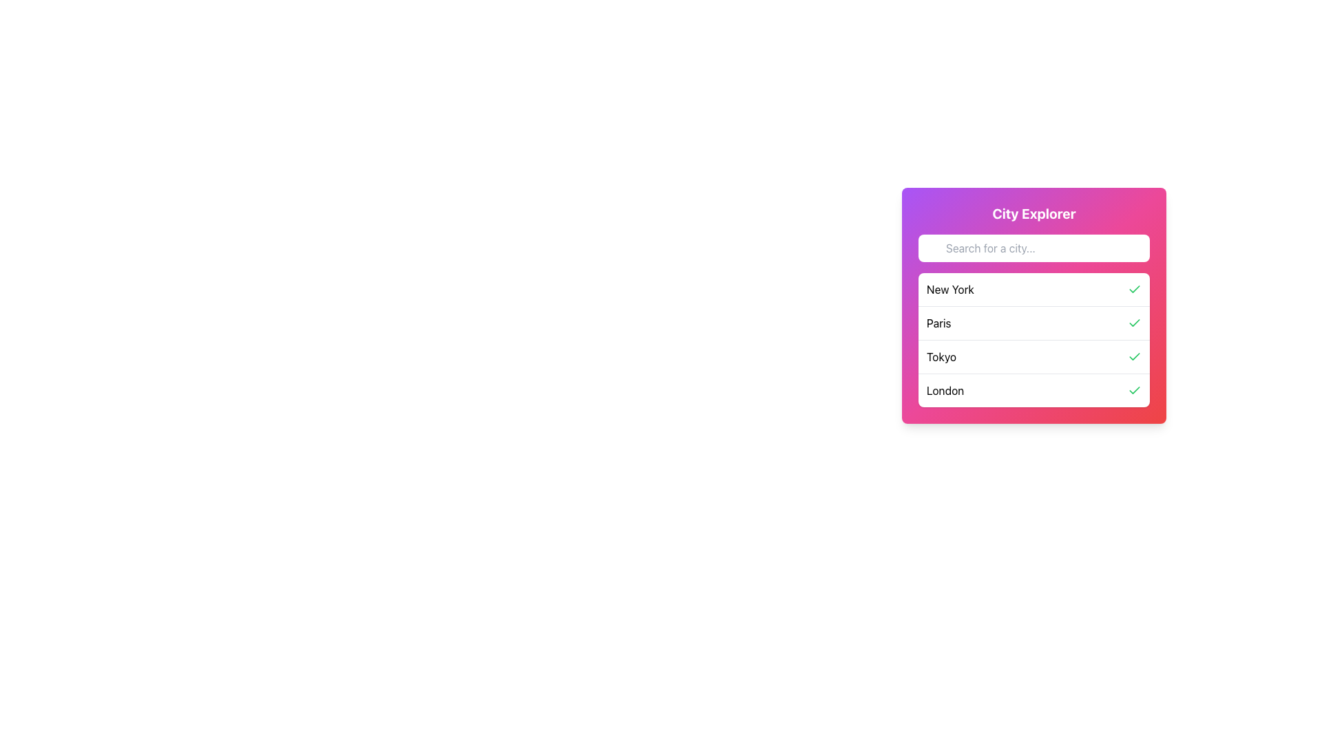  I want to click on the small green checkmark icon indicating selection for 'Tokyo' in the third row of the City Explorer list, so click(1134, 356).